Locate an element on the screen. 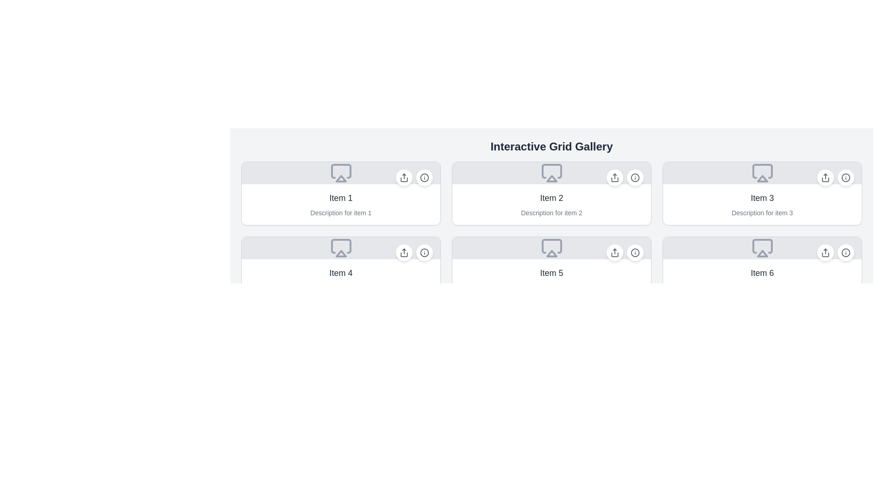 The height and width of the screenshot is (500, 889). the uppermost part of the airplay display icon in the 'Interactive Grid Gallery' for 'Item 1' is located at coordinates (340, 171).